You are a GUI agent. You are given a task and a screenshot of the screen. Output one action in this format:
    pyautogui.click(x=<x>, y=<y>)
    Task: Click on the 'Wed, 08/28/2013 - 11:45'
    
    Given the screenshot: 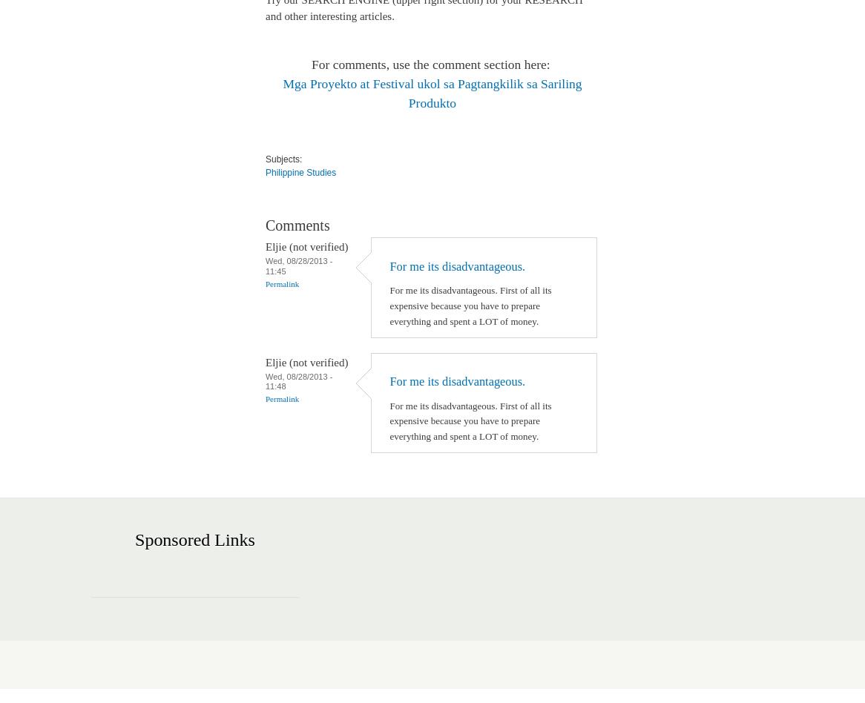 What is the action you would take?
    pyautogui.click(x=298, y=265)
    